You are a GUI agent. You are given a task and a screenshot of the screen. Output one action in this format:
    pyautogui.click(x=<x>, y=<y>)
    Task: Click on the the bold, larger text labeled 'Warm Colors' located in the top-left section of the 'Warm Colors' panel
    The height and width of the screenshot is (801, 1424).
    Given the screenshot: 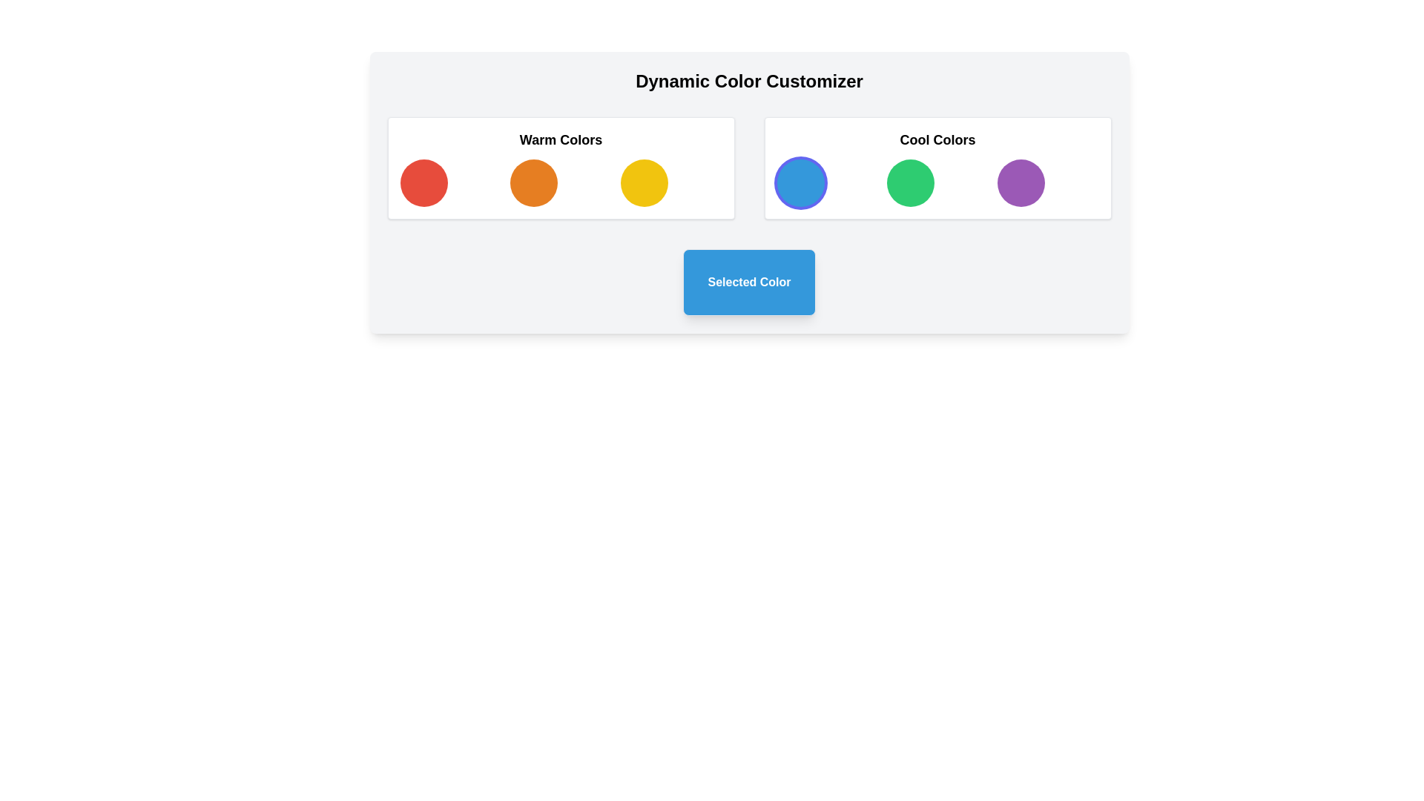 What is the action you would take?
    pyautogui.click(x=560, y=140)
    